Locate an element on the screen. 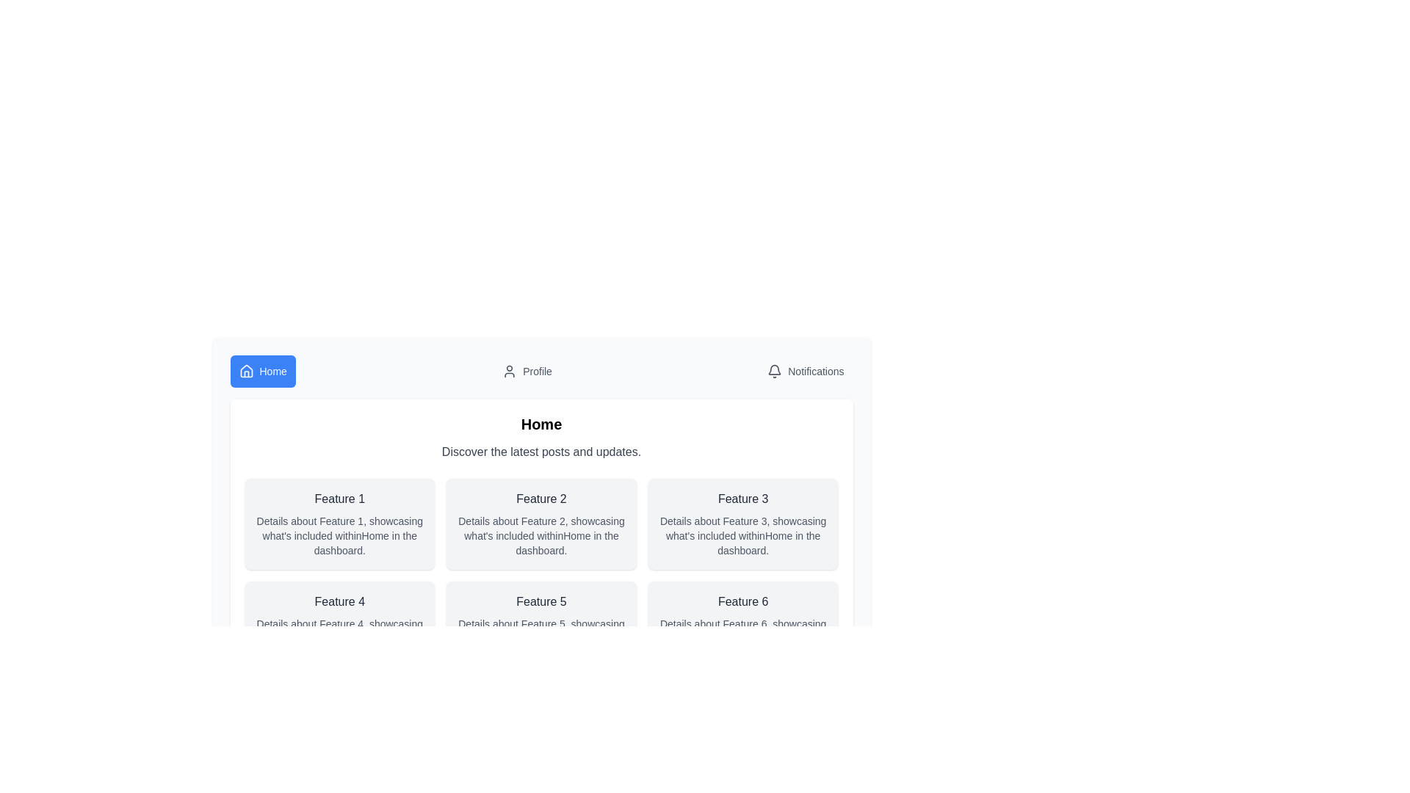  static text that describes 'Feature 3', which is styled in a smaller gray font beneath the heading in the third feature card is located at coordinates (743, 535).